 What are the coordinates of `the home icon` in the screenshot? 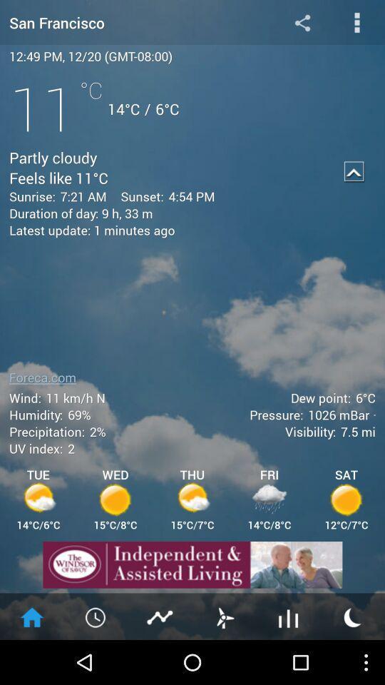 It's located at (31, 660).